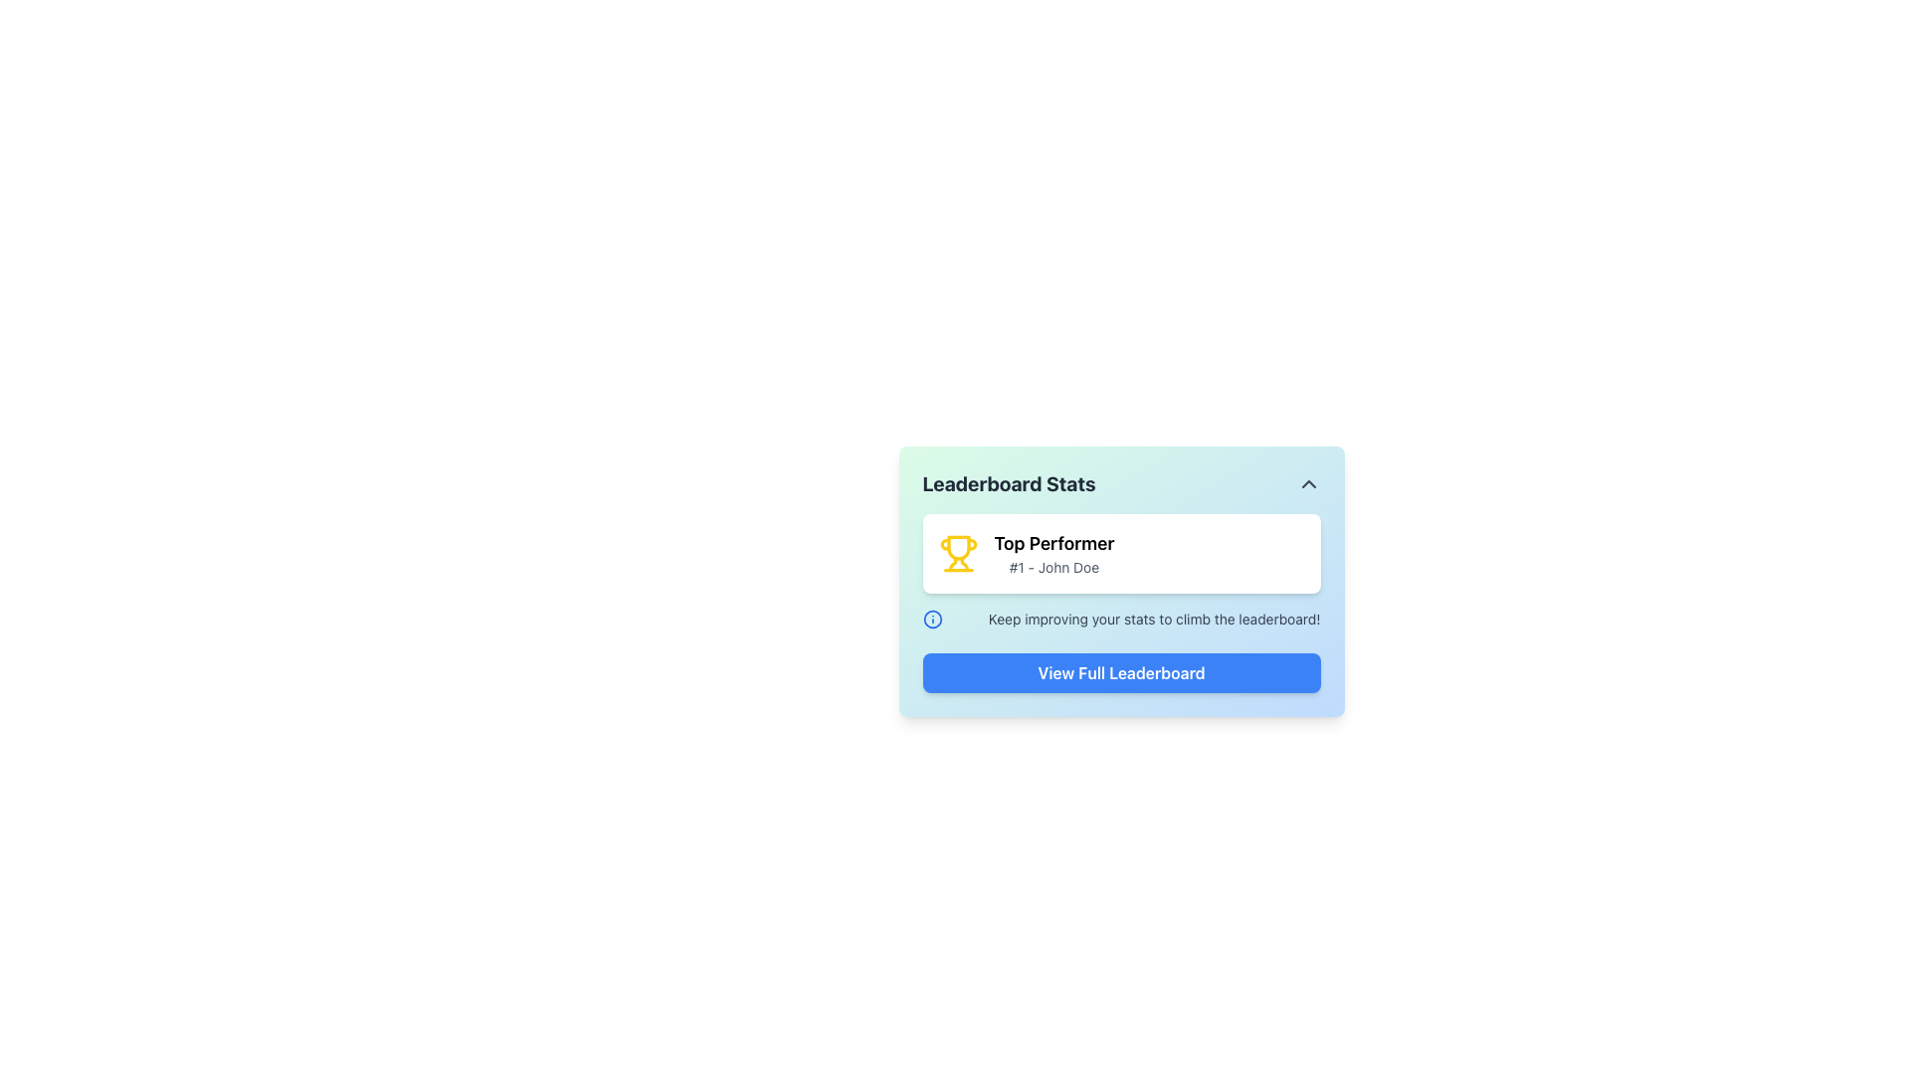  What do you see at coordinates (1121, 619) in the screenshot?
I see `the static text element displaying 'Keep improving your stats to climb the leaderboard!'` at bounding box center [1121, 619].